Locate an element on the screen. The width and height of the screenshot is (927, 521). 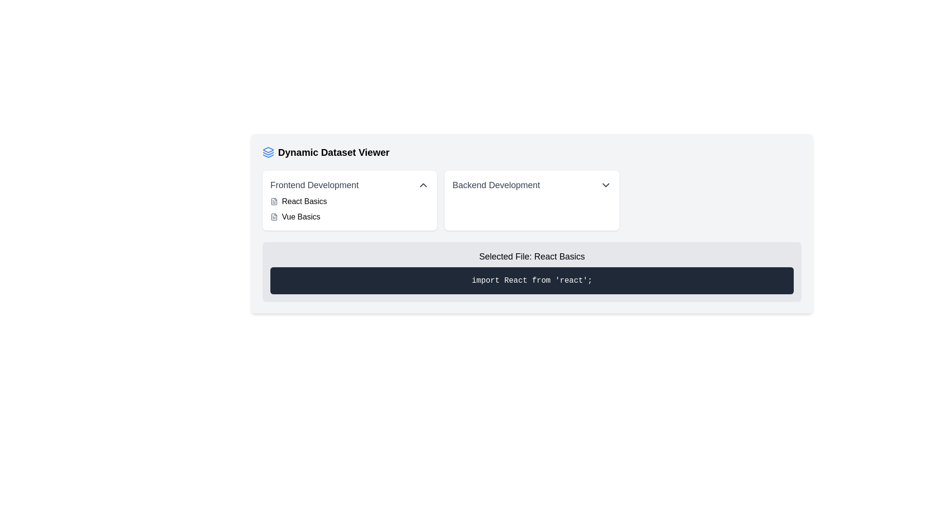
the blue layered icon element located to the left of the text 'Dynamic Dataset Viewer' in the header section is located at coordinates (268, 152).